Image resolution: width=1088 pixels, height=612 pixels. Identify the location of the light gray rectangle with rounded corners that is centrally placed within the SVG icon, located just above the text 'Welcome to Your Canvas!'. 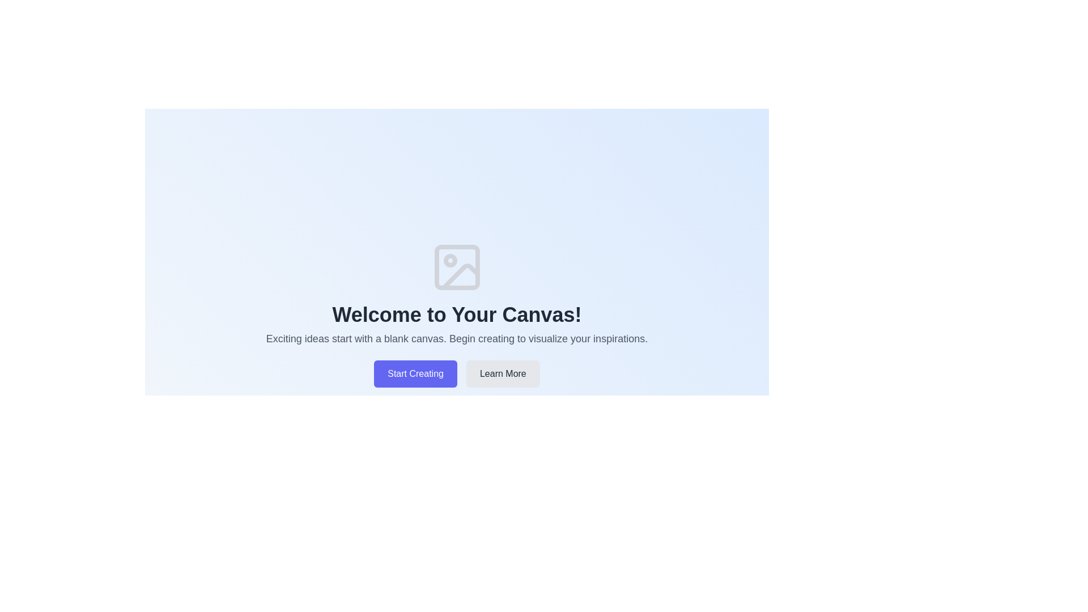
(457, 267).